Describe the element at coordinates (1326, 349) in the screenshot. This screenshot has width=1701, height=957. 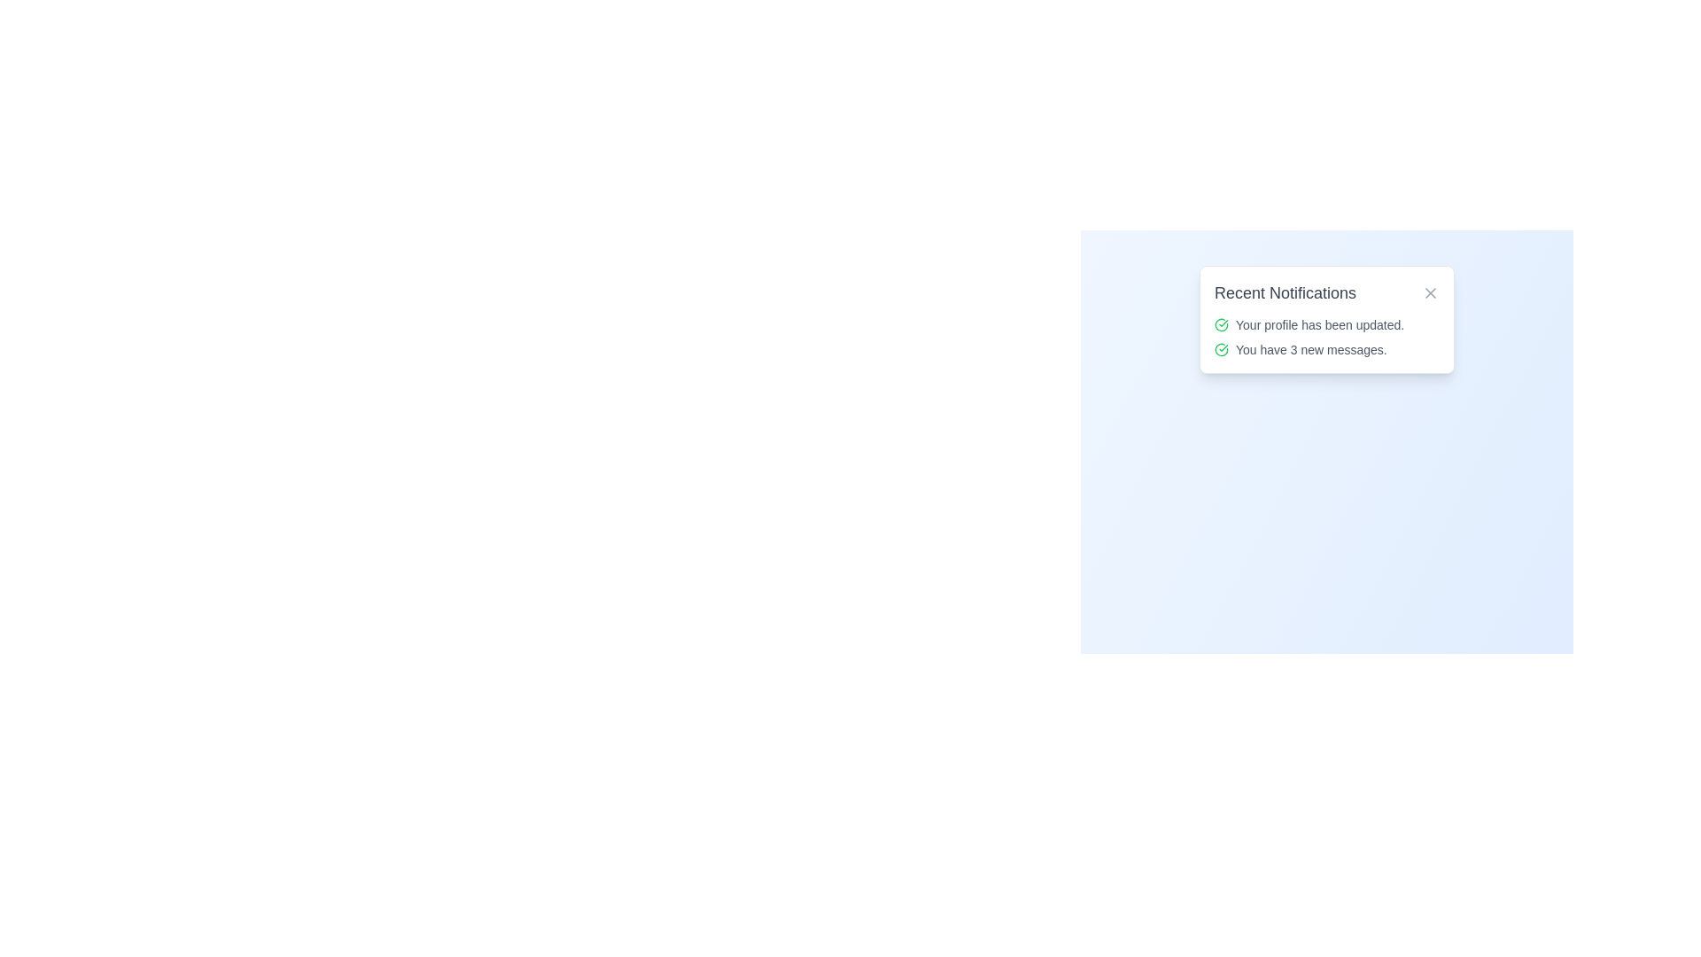
I see `the second notification item in the 'Recent Notifications' panel that displays a message about three new messages` at that location.